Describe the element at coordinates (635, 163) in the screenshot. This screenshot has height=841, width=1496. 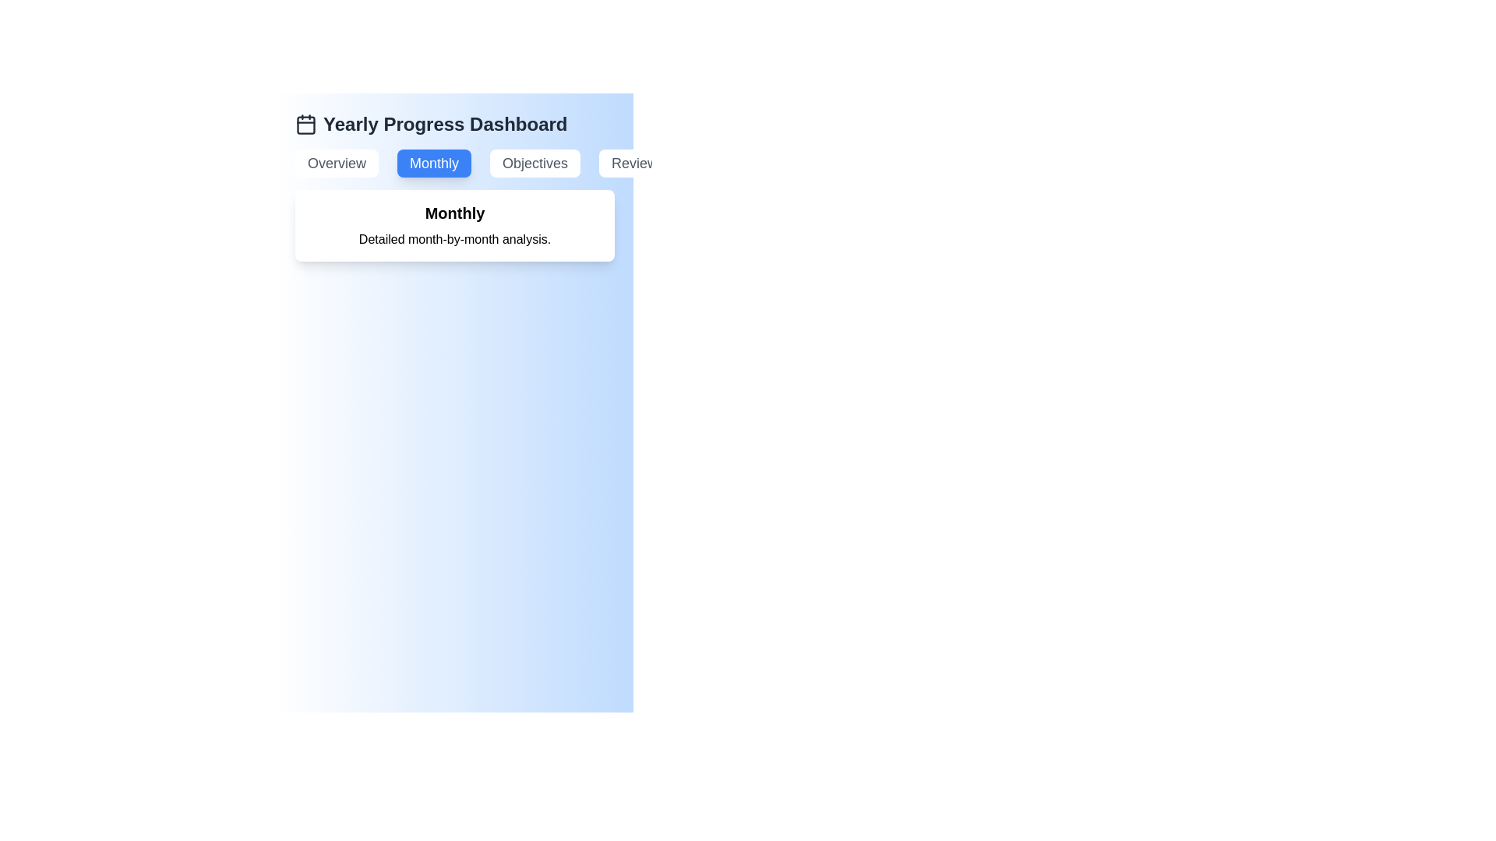
I see `the Review tab to view its content` at that location.